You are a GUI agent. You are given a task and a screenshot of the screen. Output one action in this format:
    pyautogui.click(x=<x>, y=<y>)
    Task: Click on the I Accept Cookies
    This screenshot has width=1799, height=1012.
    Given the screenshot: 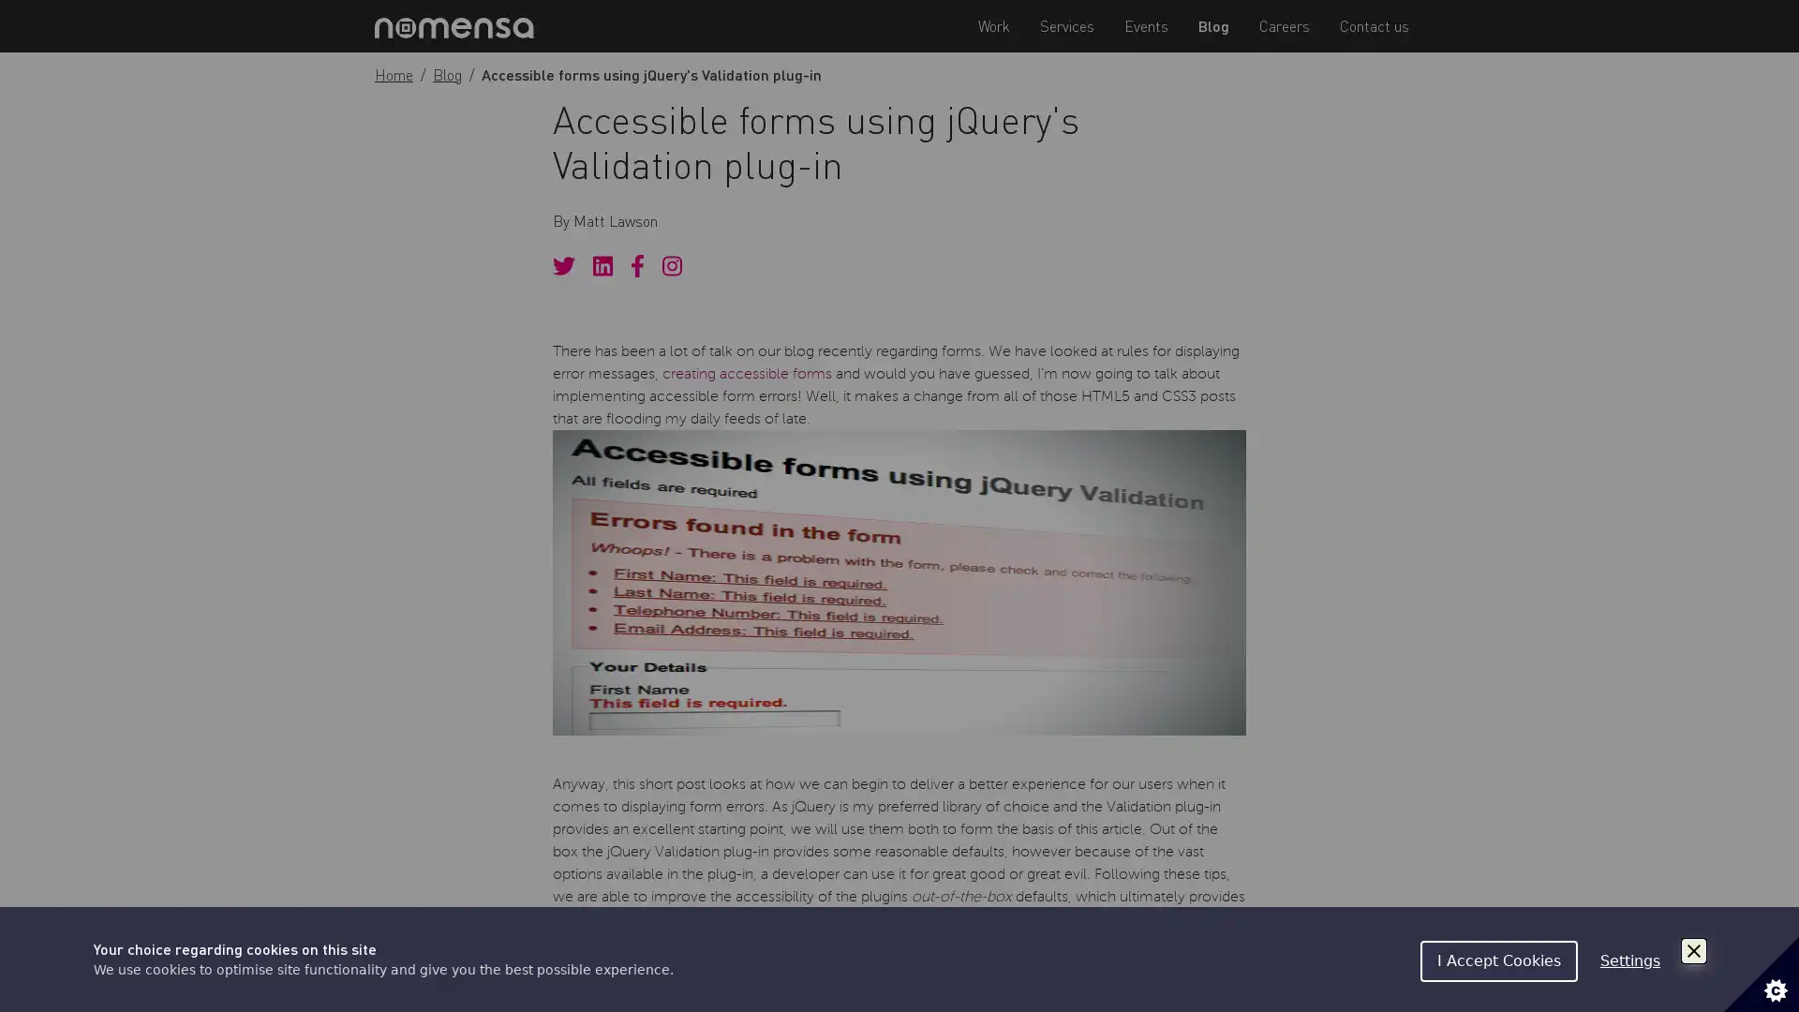 What is the action you would take?
    pyautogui.click(x=1497, y=961)
    